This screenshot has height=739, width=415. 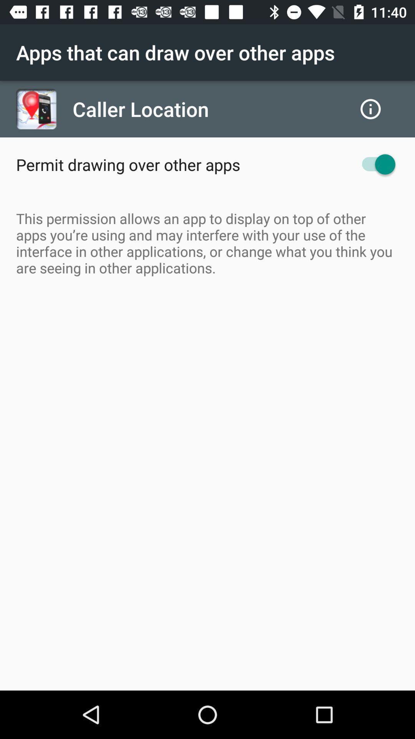 I want to click on the info icon, so click(x=370, y=109).